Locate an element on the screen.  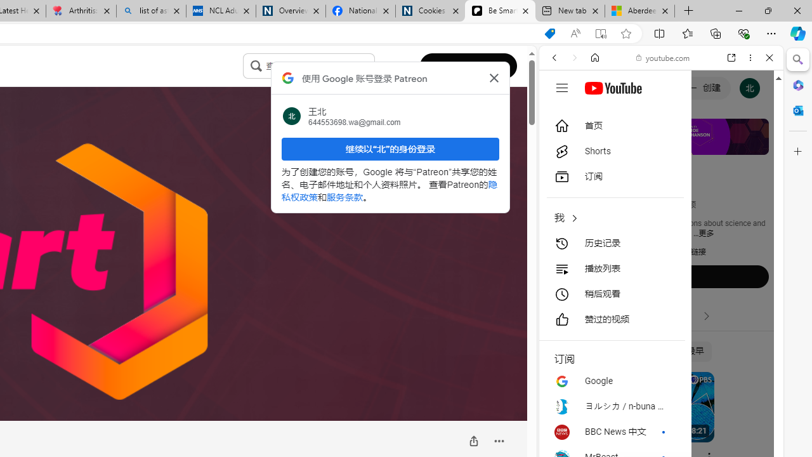
'Search videos from youtube.com' is located at coordinates (638, 418).